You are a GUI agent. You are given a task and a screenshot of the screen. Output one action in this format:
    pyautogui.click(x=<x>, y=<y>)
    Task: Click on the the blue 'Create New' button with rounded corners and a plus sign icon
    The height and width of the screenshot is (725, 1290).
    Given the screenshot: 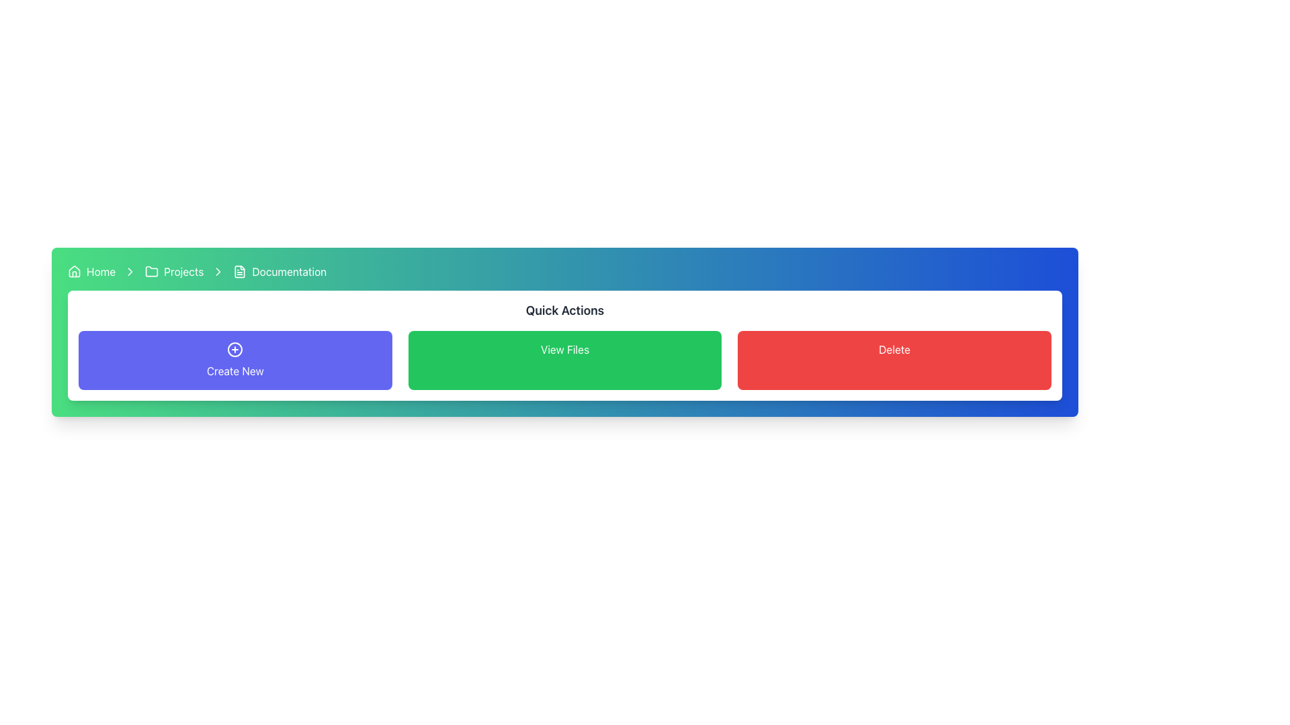 What is the action you would take?
    pyautogui.click(x=235, y=359)
    